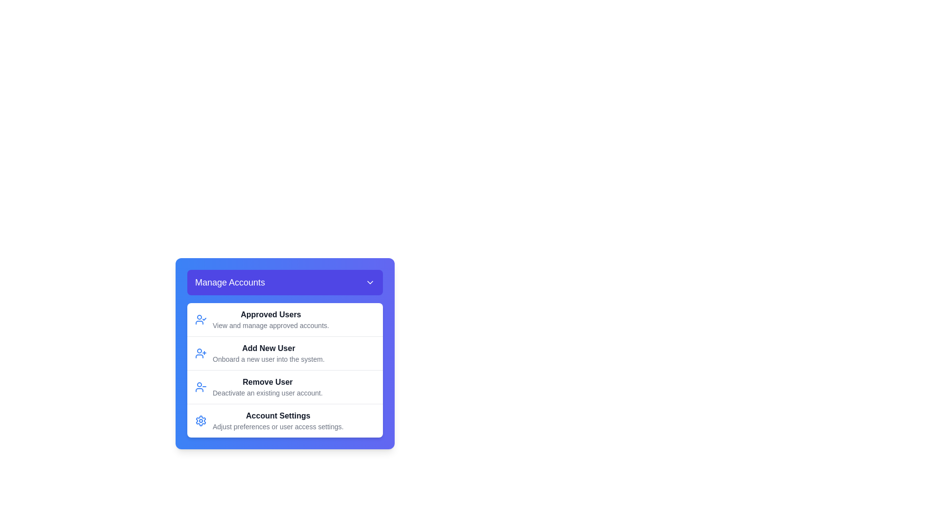 The height and width of the screenshot is (528, 939). What do you see at coordinates (201, 353) in the screenshot?
I see `the 'Add New User' icon, which is located to the left of the 'Add New User' button in the 'Manage Accounts' dropdown menu` at bounding box center [201, 353].